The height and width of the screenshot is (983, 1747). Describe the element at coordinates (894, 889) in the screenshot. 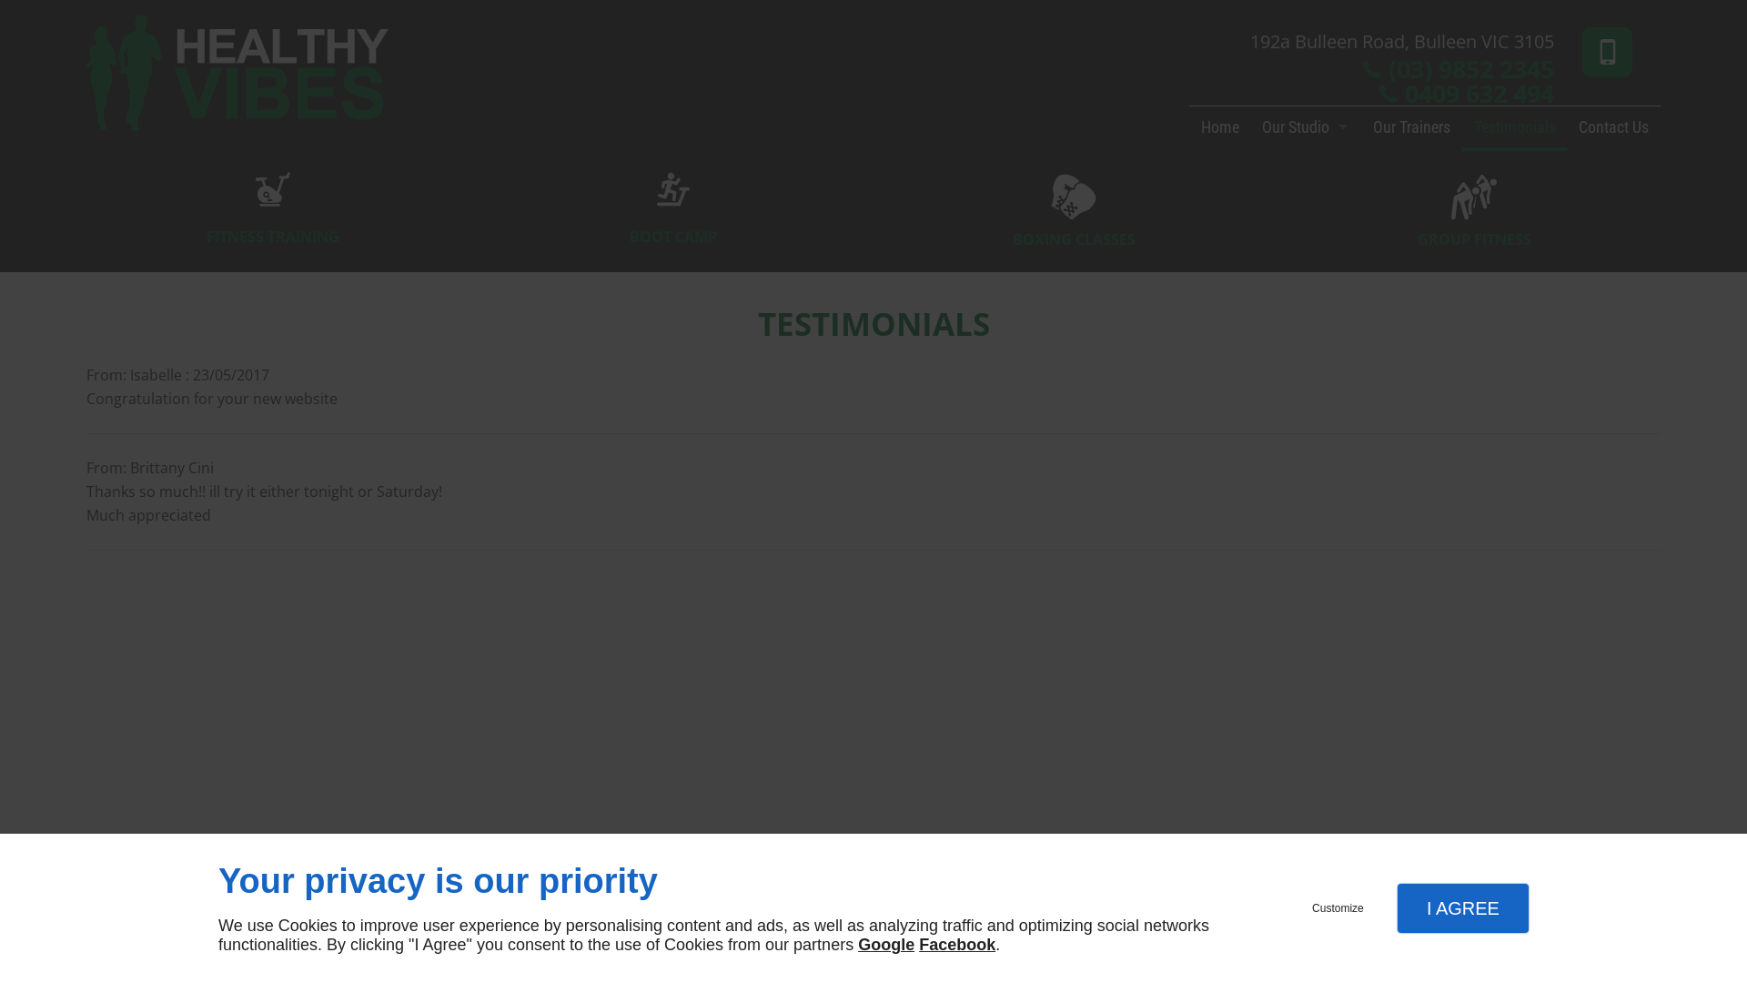

I see `'Mybusiness'` at that location.